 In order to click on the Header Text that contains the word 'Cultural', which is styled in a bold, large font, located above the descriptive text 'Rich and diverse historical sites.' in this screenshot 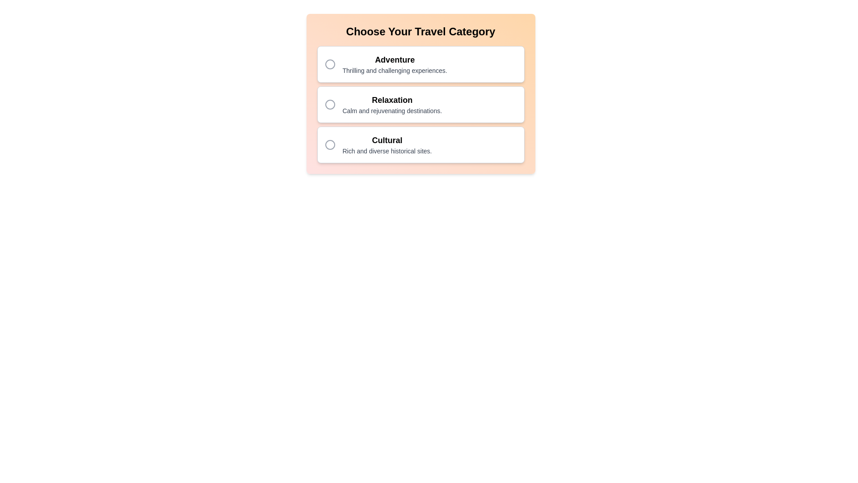, I will do `click(387, 140)`.